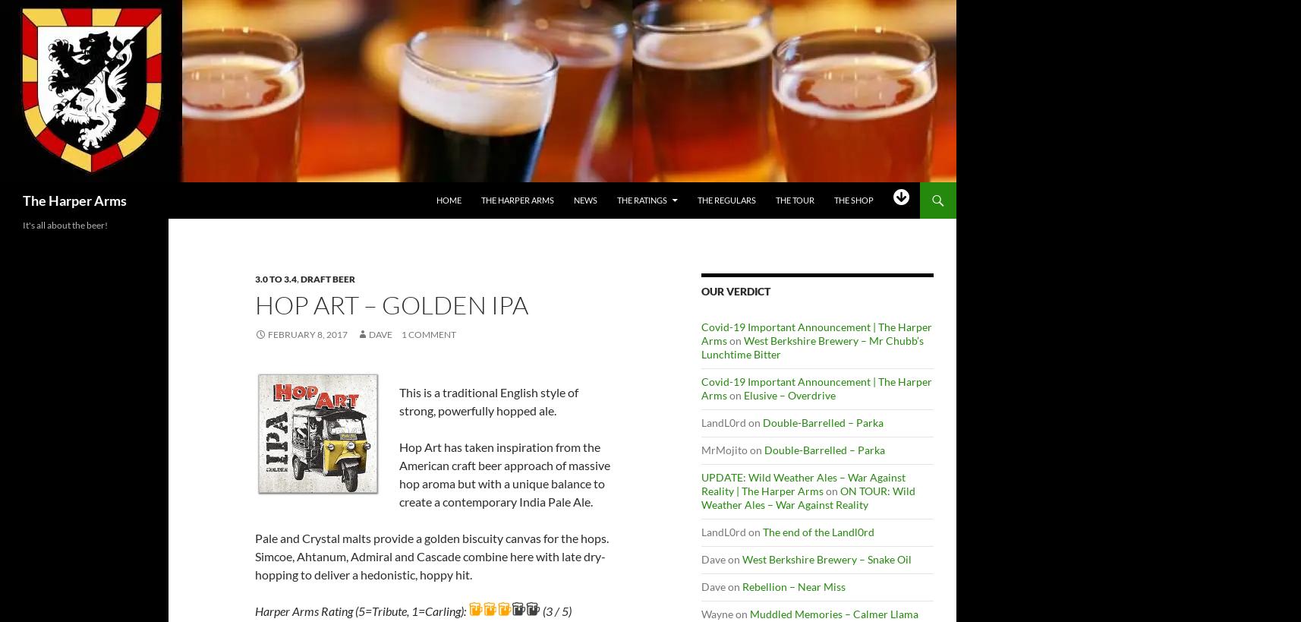 This screenshot has width=1301, height=622. Describe the element at coordinates (854, 199) in the screenshot. I see `'The Shop'` at that location.